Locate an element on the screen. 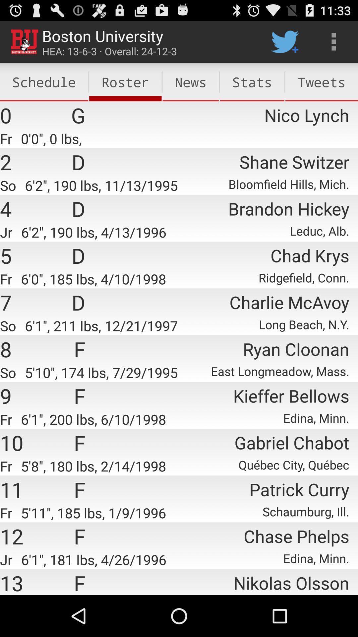  the news is located at coordinates (191, 82).